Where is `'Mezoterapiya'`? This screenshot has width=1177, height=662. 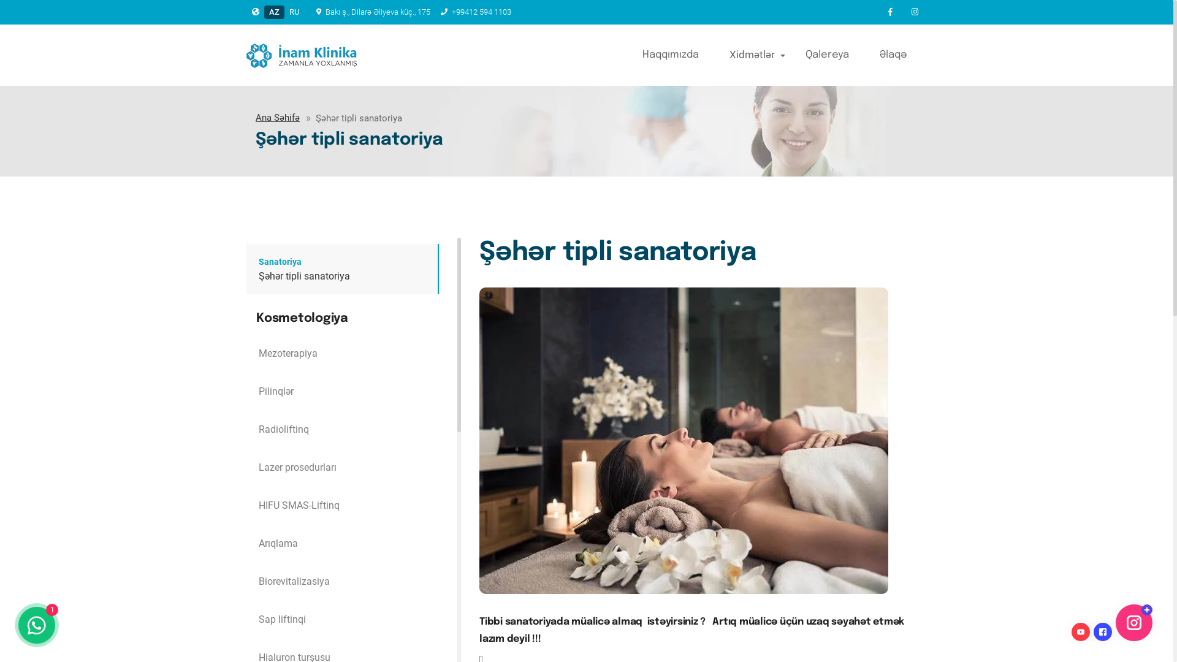
'Mezoterapiya' is located at coordinates (342, 354).